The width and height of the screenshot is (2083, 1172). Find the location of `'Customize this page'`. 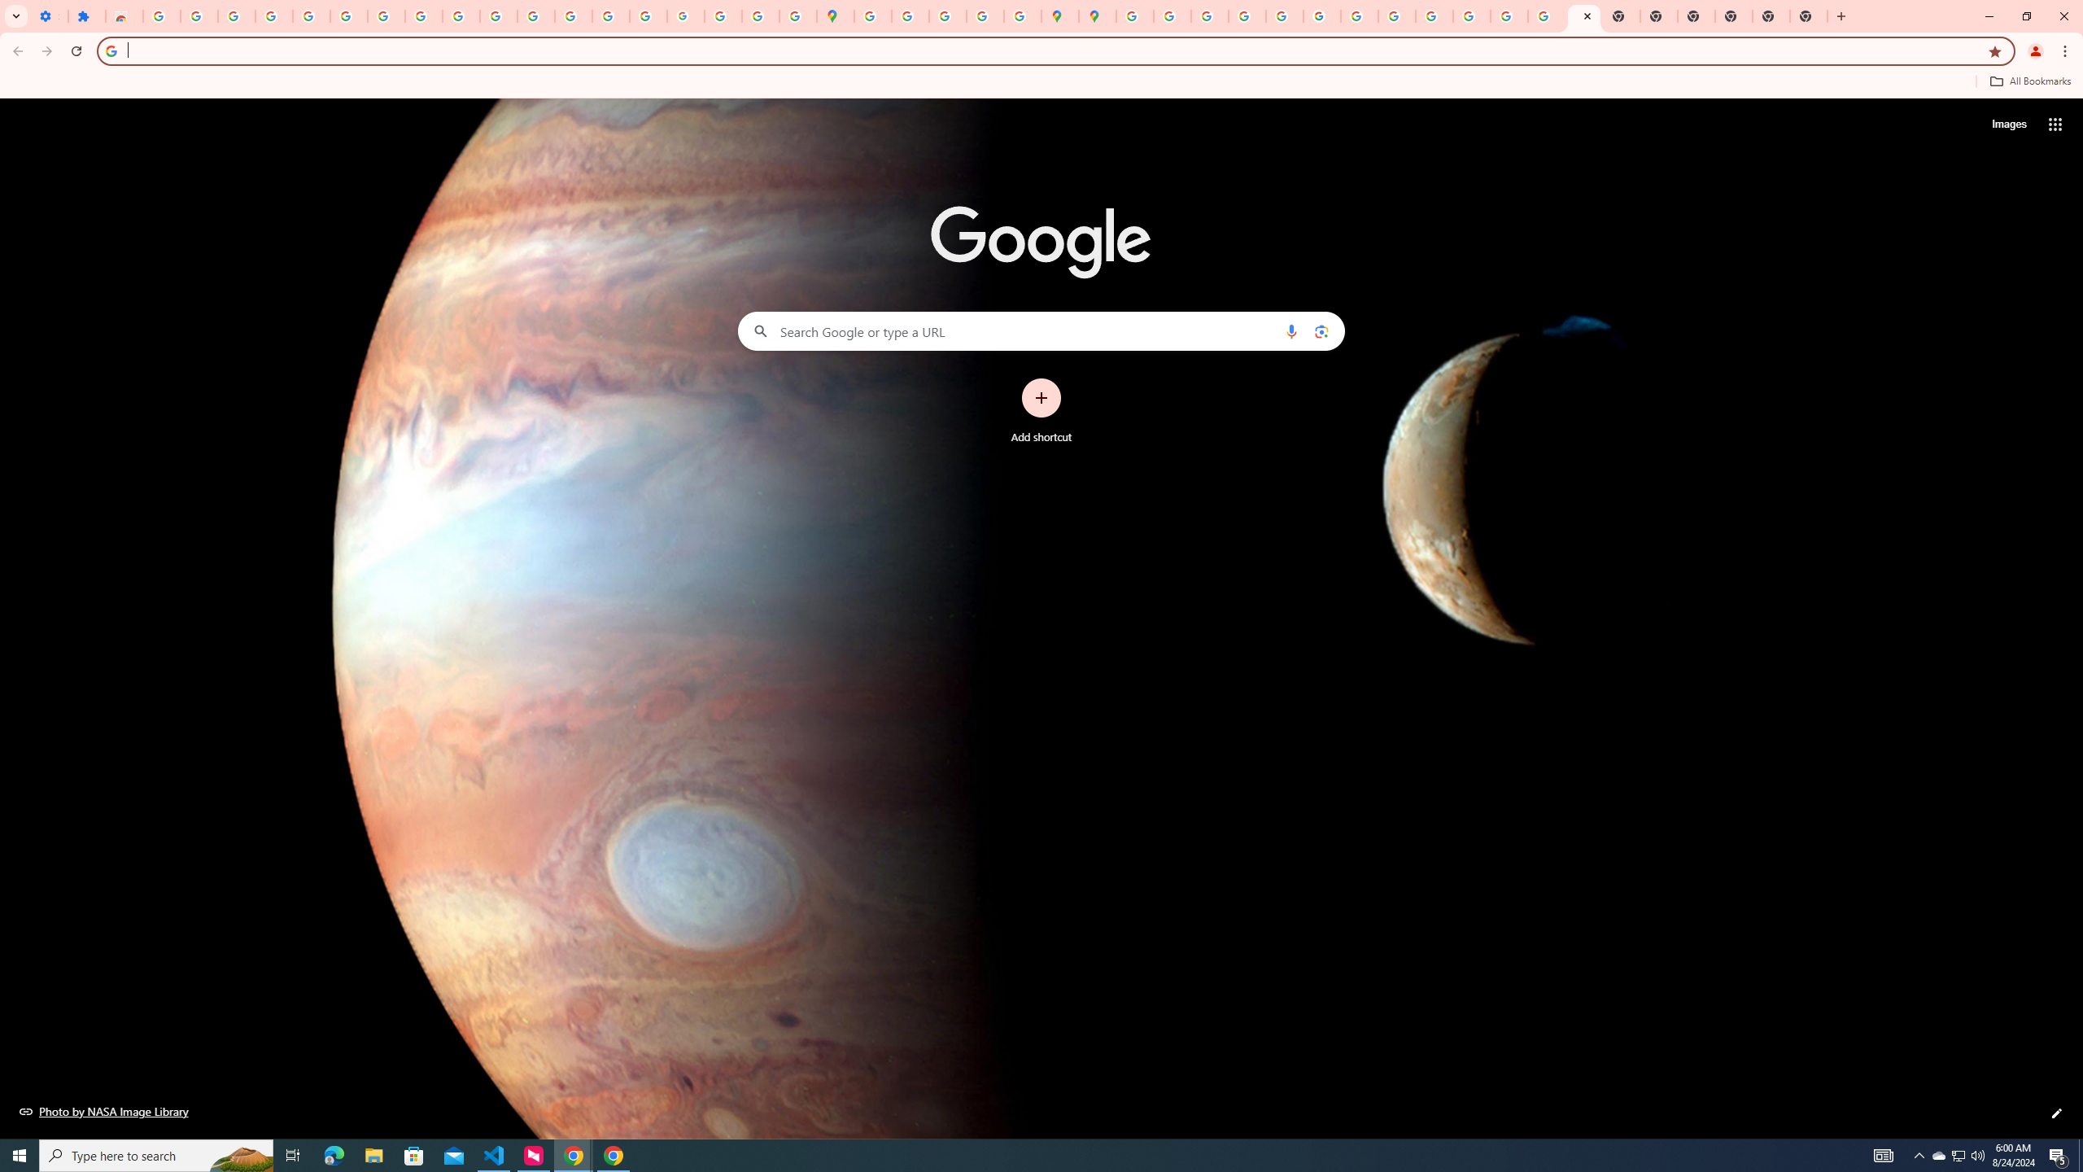

'Customize this page' is located at coordinates (2056, 1113).